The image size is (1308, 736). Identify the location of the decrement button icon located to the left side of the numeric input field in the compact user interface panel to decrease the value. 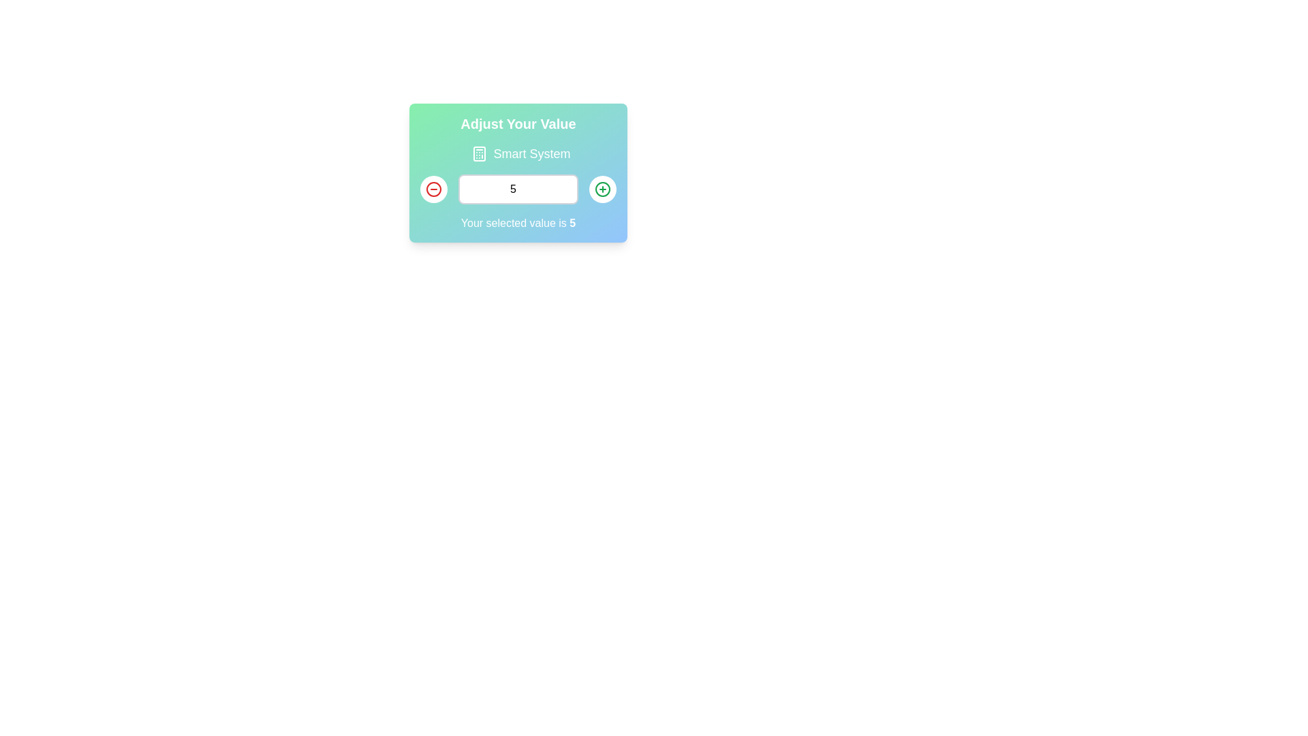
(433, 189).